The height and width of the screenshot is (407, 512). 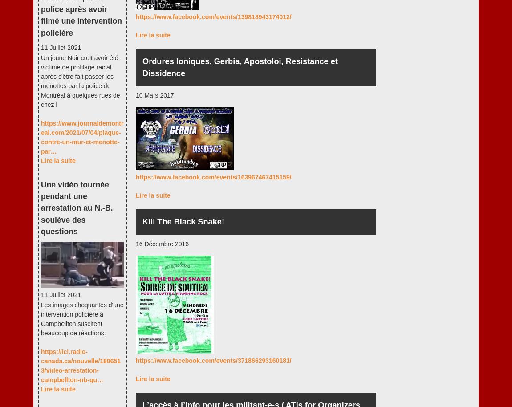 What do you see at coordinates (240, 66) in the screenshot?
I see `'Ordures Ioniques, Gerbia, Apostoloi, Resistance et Dissidence'` at bounding box center [240, 66].